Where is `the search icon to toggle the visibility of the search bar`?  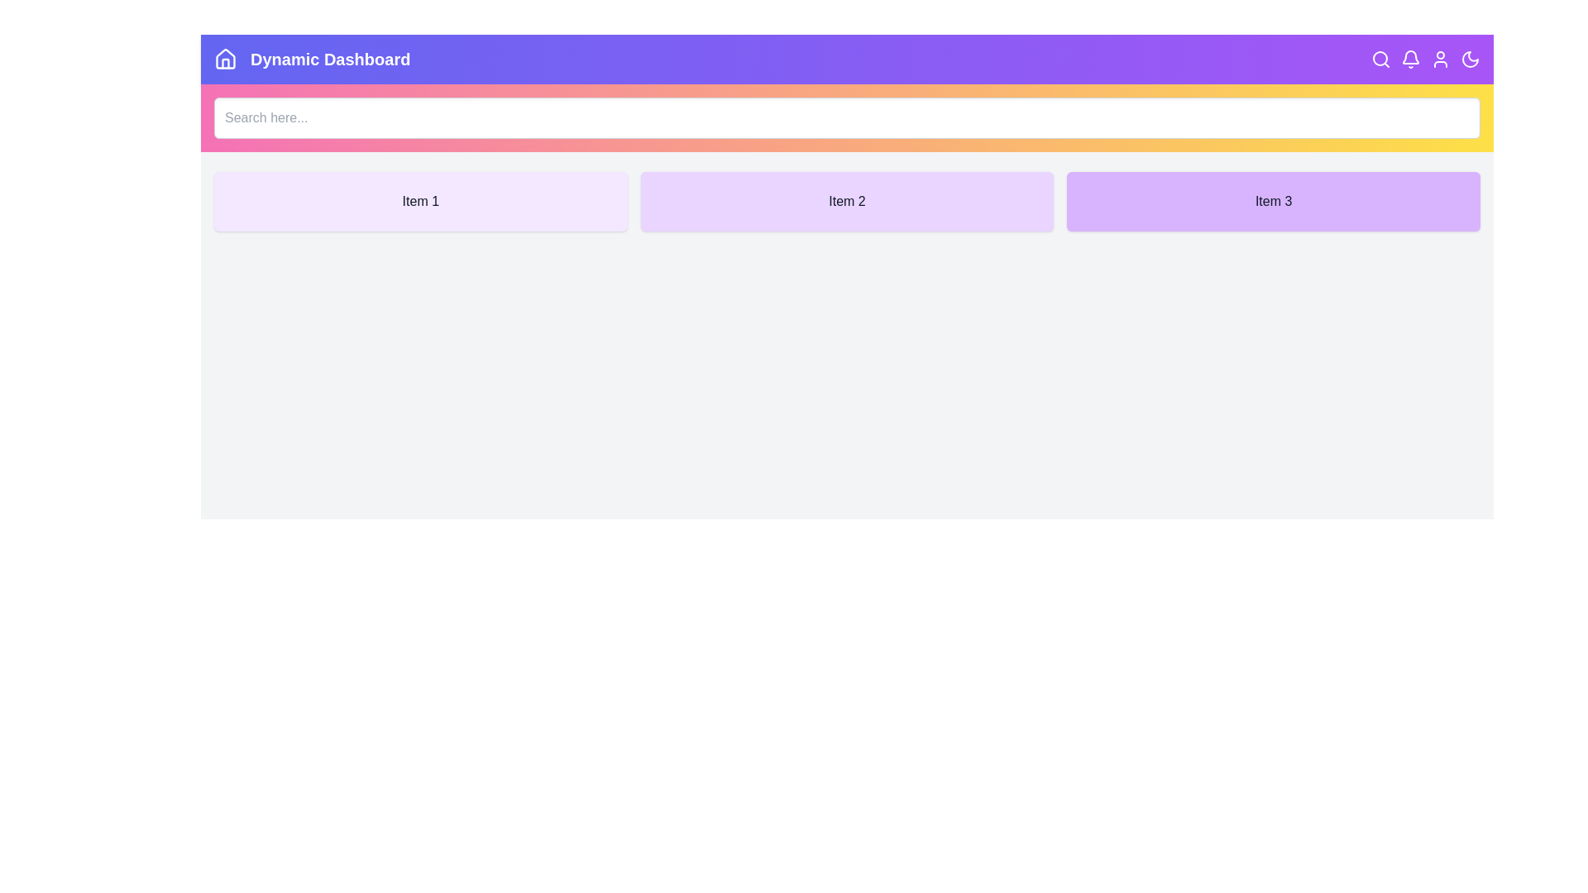 the search icon to toggle the visibility of the search bar is located at coordinates (1381, 59).